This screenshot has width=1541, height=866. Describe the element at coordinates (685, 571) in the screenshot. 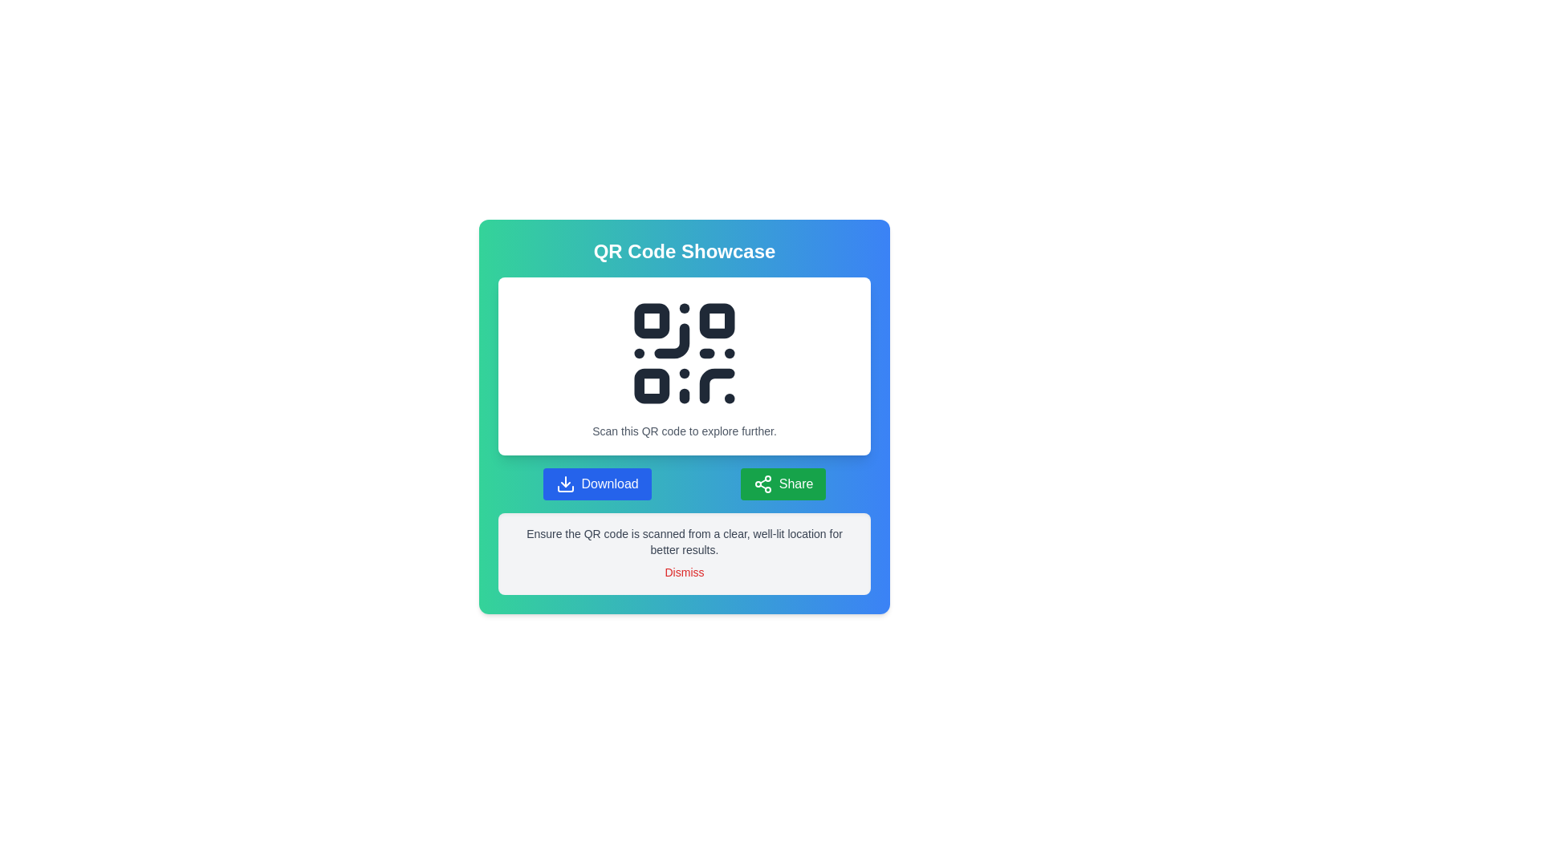

I see `the 'Dismiss' button, which is displayed in bold red text and located below a block of instructional text within a light-gray, rounded-corner box` at that location.